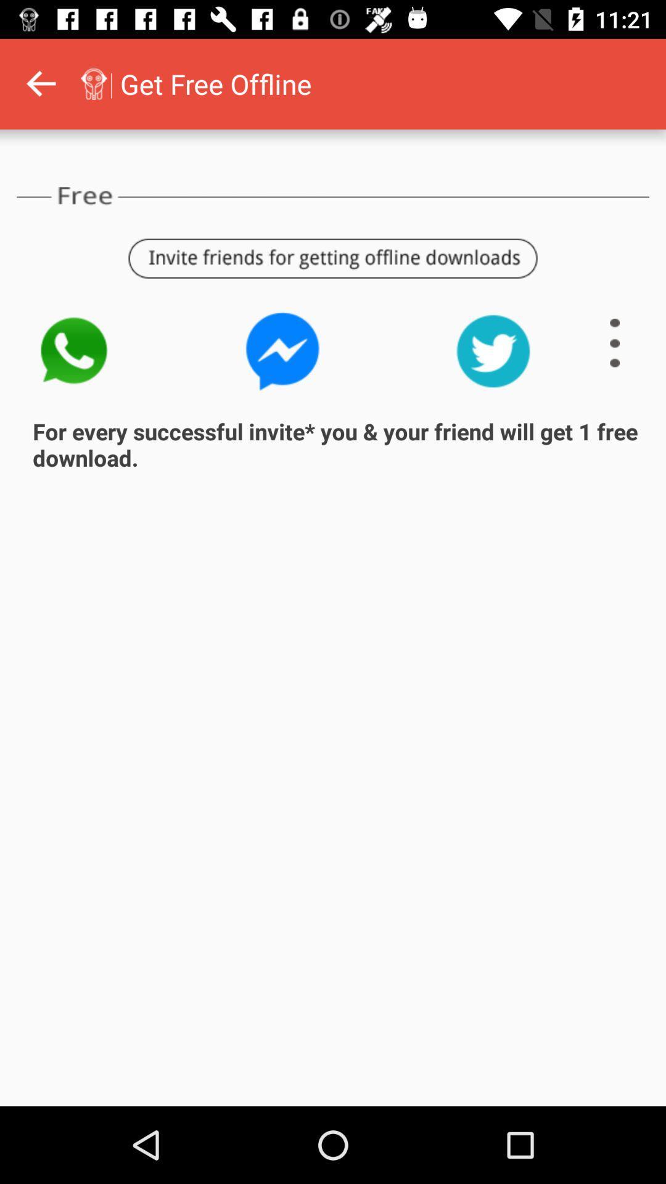 The image size is (666, 1184). What do you see at coordinates (73, 350) in the screenshot?
I see `the call icon` at bounding box center [73, 350].